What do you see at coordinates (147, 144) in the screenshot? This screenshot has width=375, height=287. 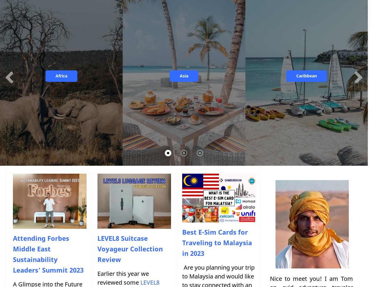 I see `'Switzerland'` at bounding box center [147, 144].